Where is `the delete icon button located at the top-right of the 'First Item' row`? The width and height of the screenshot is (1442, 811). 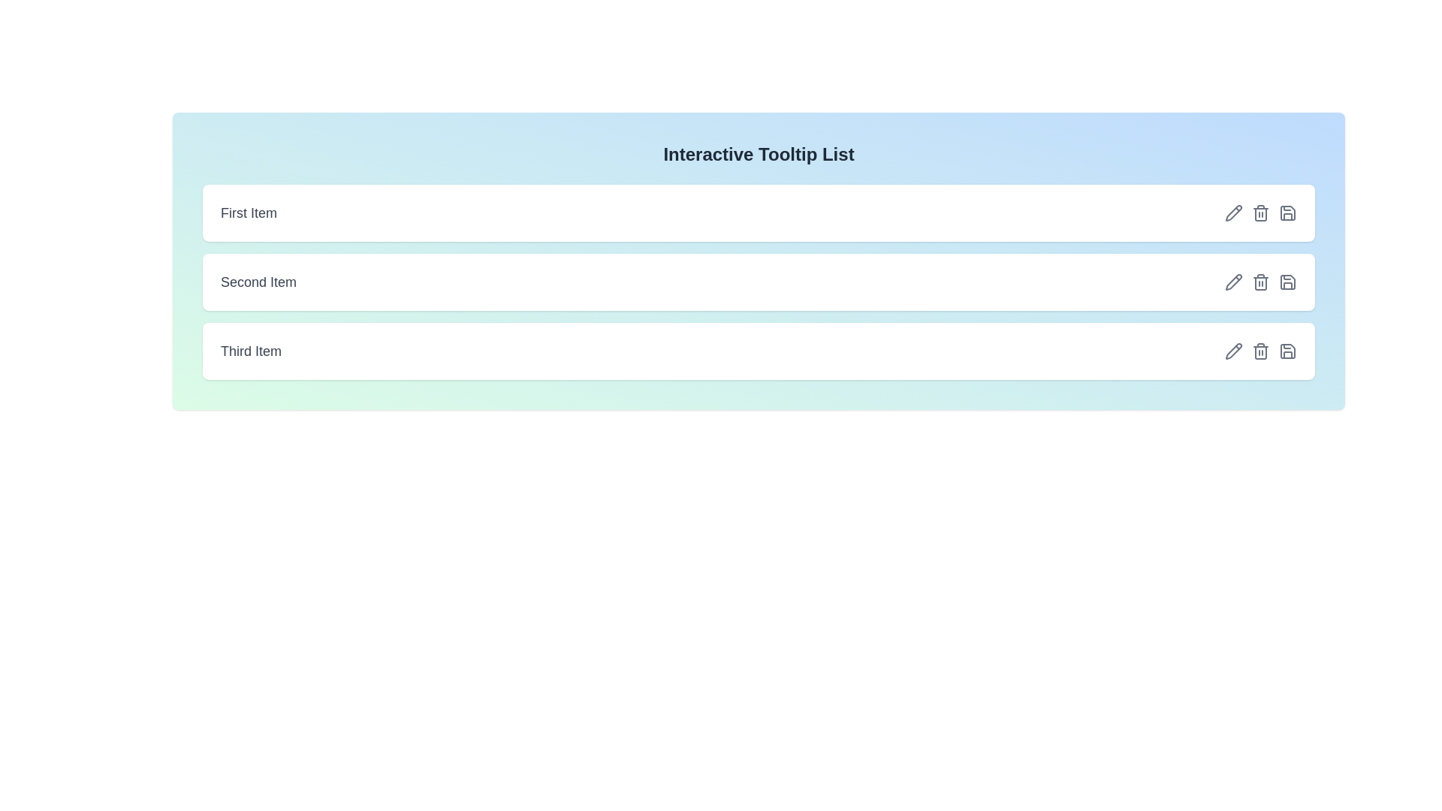
the delete icon button located at the top-right of the 'First Item' row is located at coordinates (1261, 213).